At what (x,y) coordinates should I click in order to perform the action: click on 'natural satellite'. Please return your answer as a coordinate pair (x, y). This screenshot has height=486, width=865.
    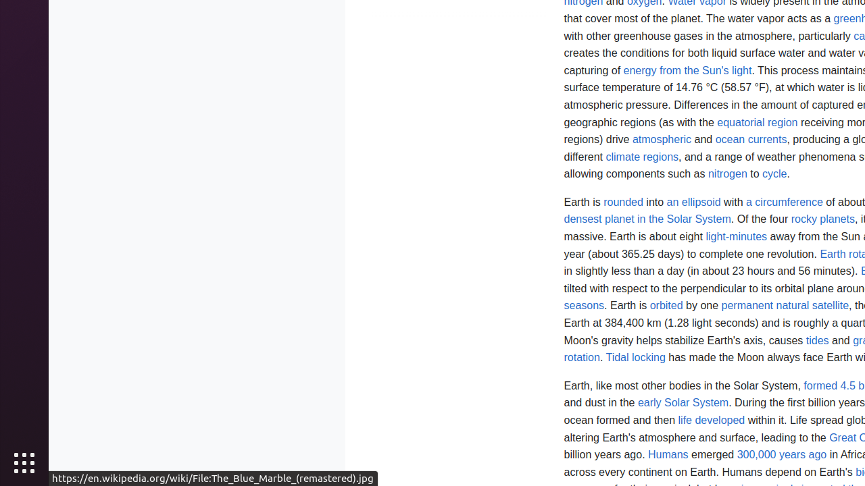
    Looking at the image, I should click on (812, 306).